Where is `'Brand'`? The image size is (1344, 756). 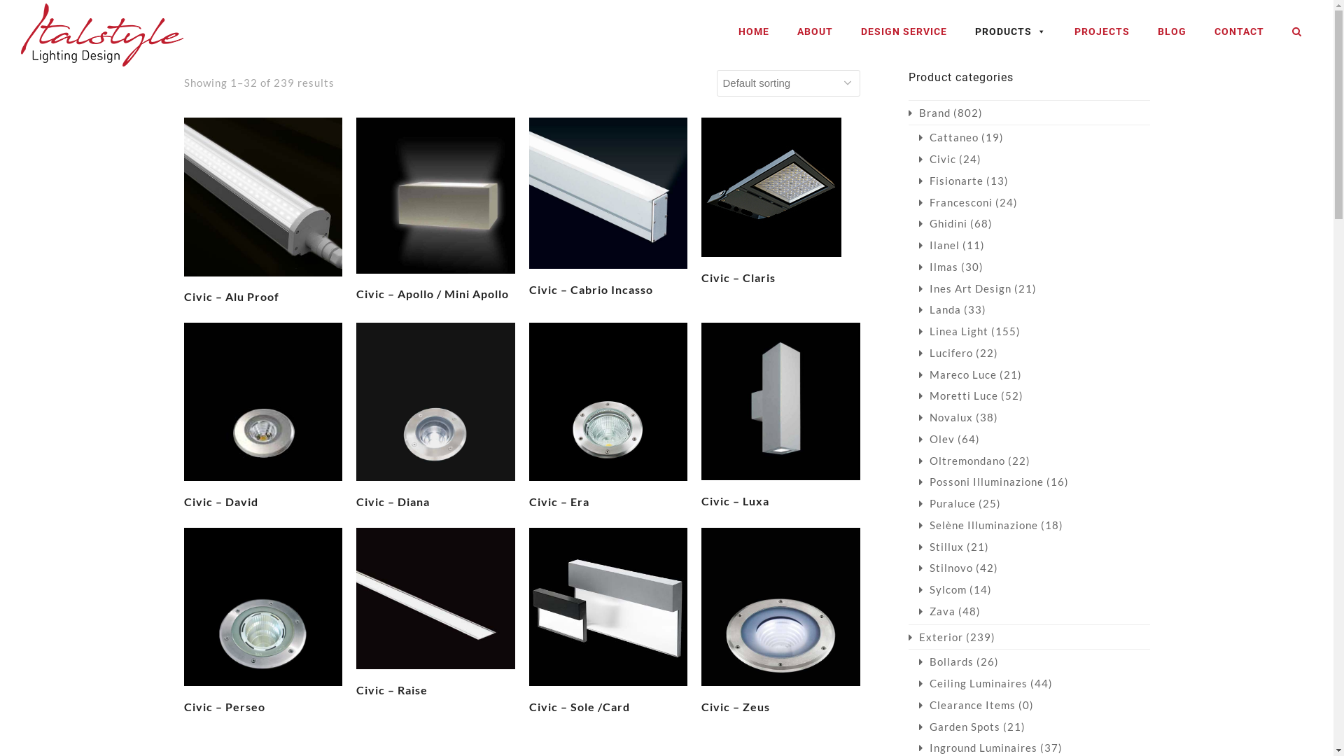
'Brand' is located at coordinates (930, 112).